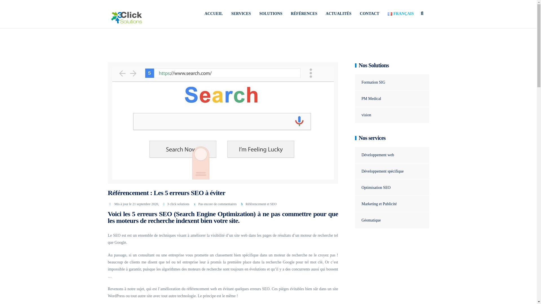  I want to click on 'CONTACT', so click(369, 14).